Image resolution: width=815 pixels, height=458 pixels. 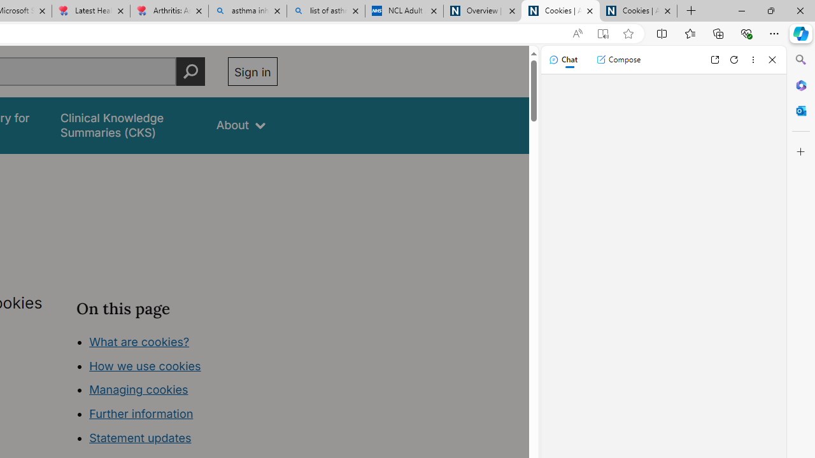 What do you see at coordinates (190, 71) in the screenshot?
I see `'Perform search'` at bounding box center [190, 71].